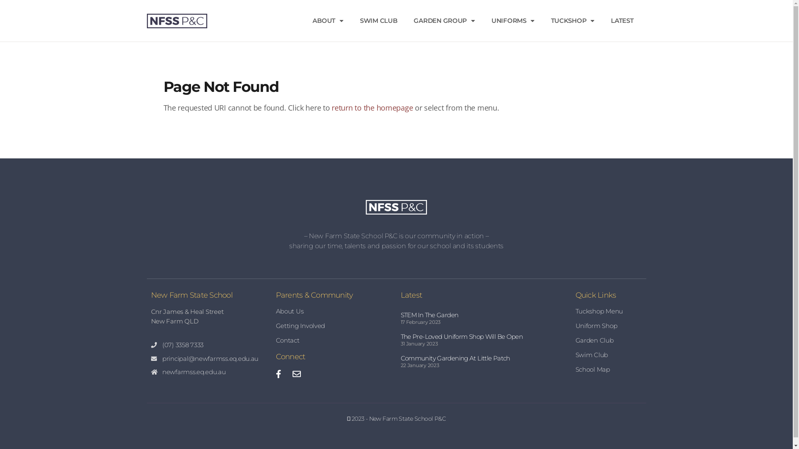 The width and height of the screenshot is (799, 449). Describe the element at coordinates (333, 325) in the screenshot. I see `'Getting Involved'` at that location.